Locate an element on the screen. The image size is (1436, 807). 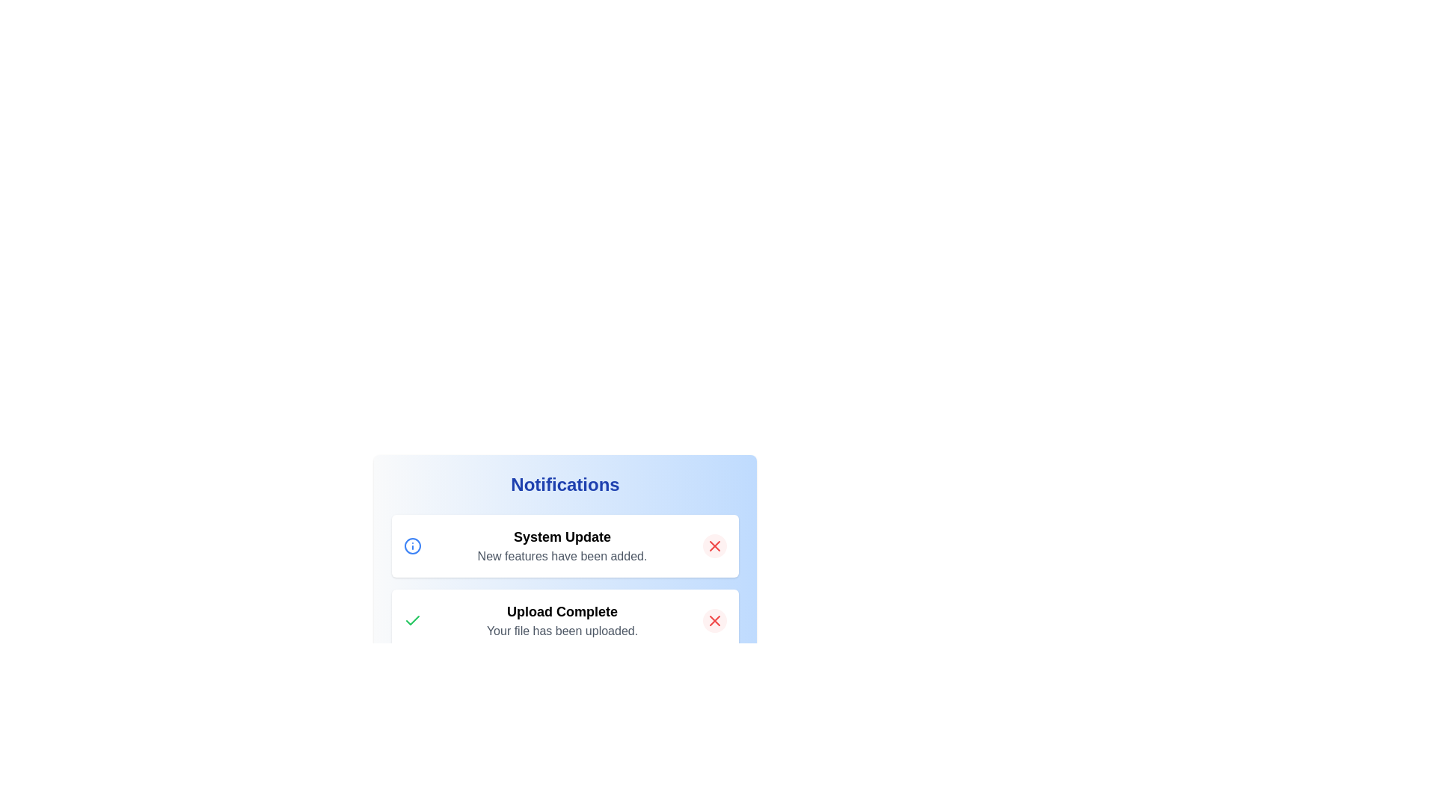
the 'System Update' notification card located at the top of the notification list is located at coordinates (564, 546).